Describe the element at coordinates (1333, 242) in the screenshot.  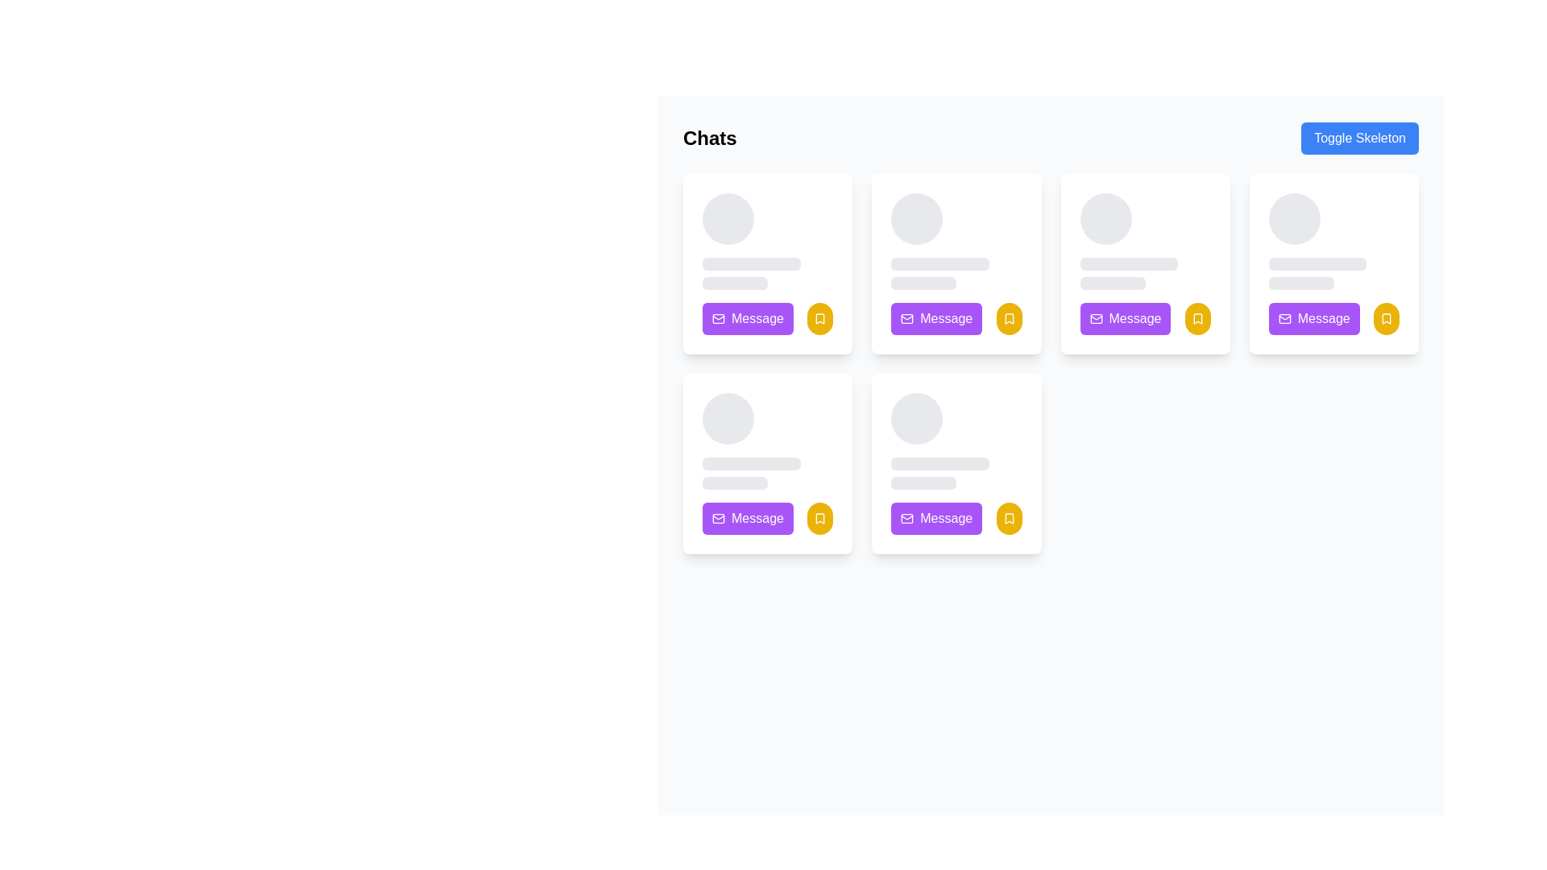
I see `the Skeleton loader located in the top-right card of the visible grid, which serves as a loading indicator above the 'Message' button` at that location.